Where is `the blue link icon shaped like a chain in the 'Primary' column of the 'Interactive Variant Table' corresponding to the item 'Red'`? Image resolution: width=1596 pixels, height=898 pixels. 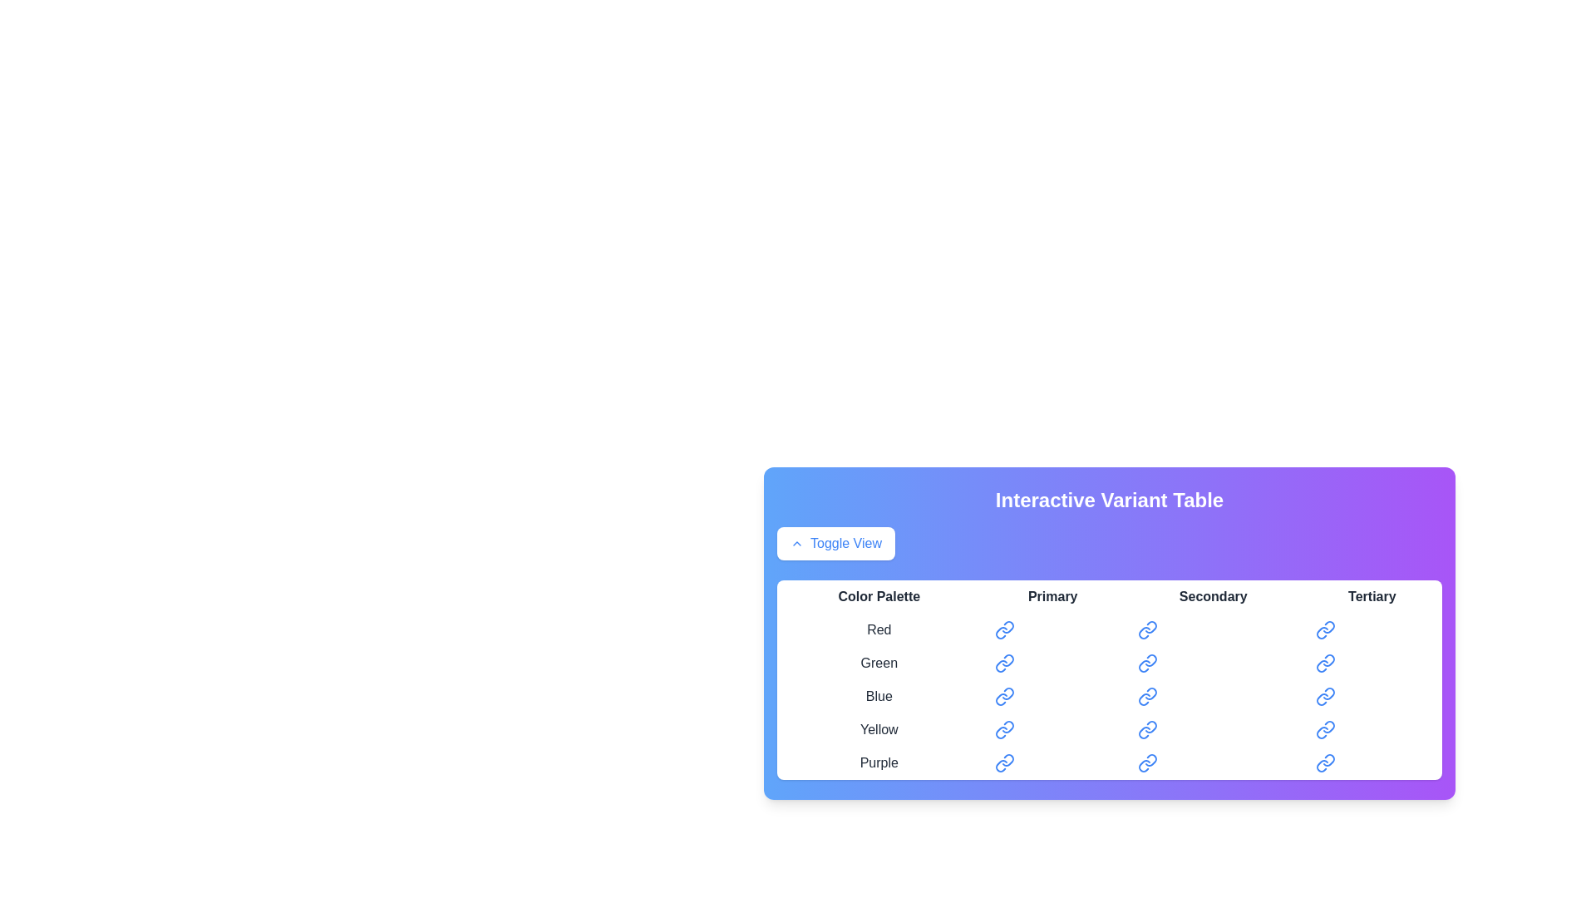
the blue link icon shaped like a chain in the 'Primary' column of the 'Interactive Variant Table' corresponding to the item 'Red' is located at coordinates (1003, 630).